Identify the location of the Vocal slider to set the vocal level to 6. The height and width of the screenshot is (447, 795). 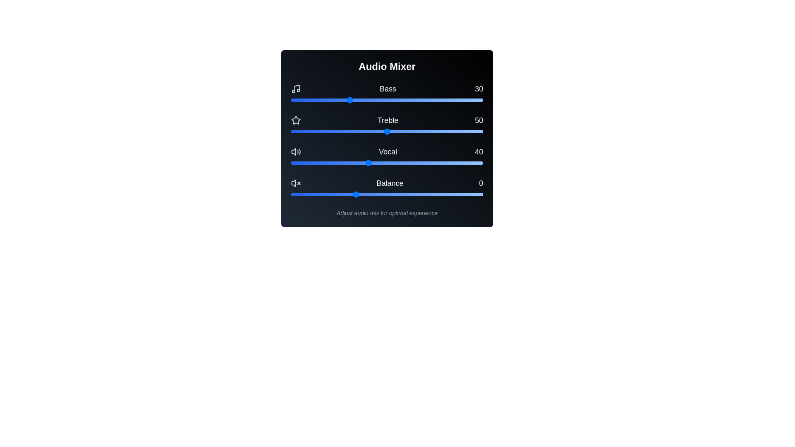
(302, 163).